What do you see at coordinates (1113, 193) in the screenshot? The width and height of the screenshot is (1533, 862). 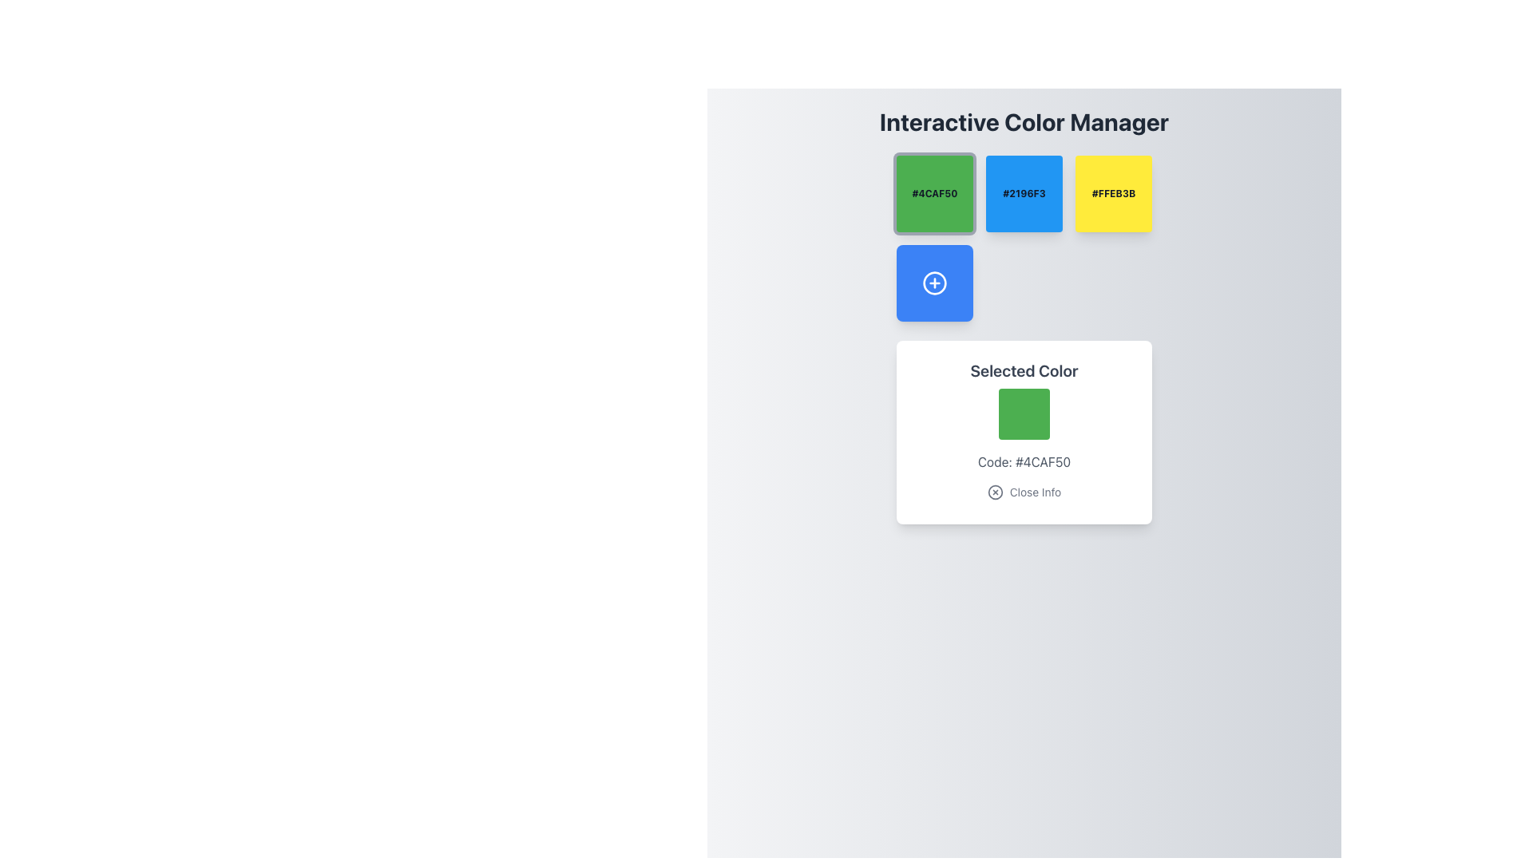 I see `the Color Selection Tile, which is the third item in the first row of a 3x2 layout located in the top-right corner of the grid` at bounding box center [1113, 193].